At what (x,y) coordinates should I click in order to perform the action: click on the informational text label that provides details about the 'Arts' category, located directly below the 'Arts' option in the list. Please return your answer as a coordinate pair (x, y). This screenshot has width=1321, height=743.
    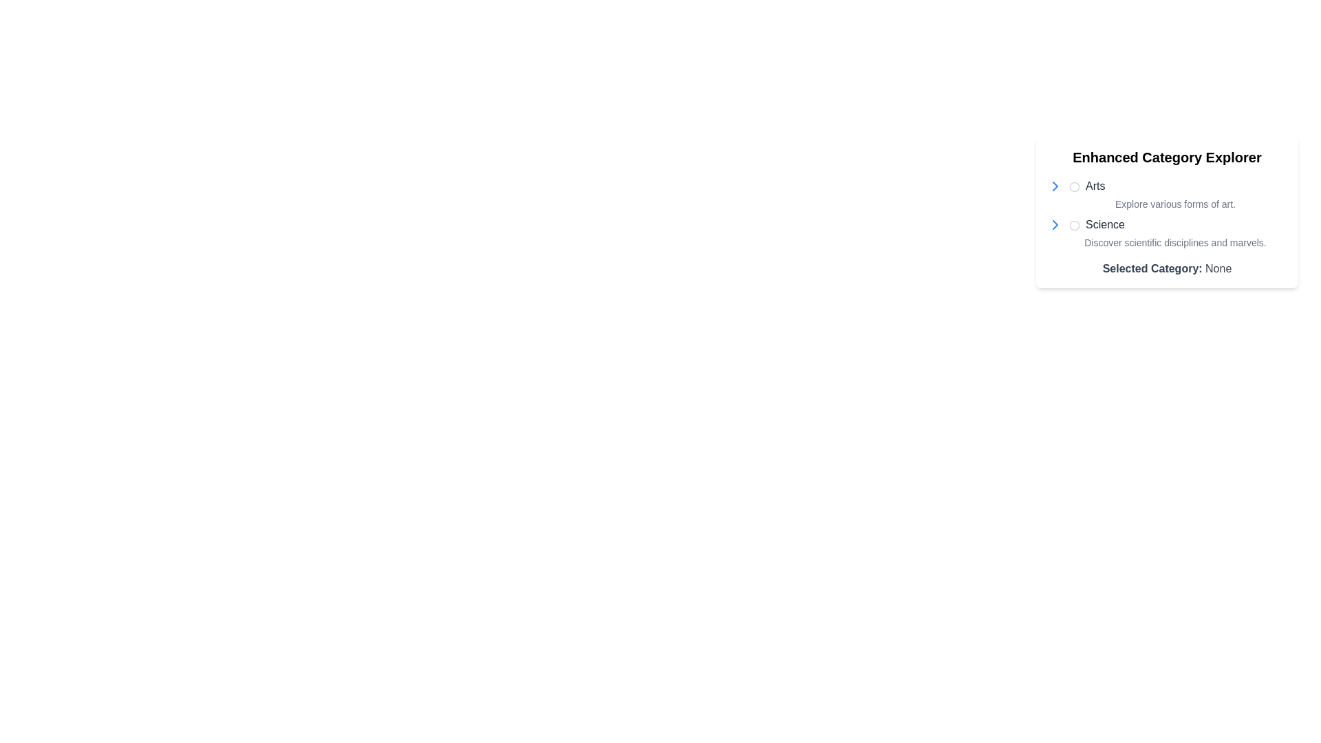
    Looking at the image, I should click on (1174, 204).